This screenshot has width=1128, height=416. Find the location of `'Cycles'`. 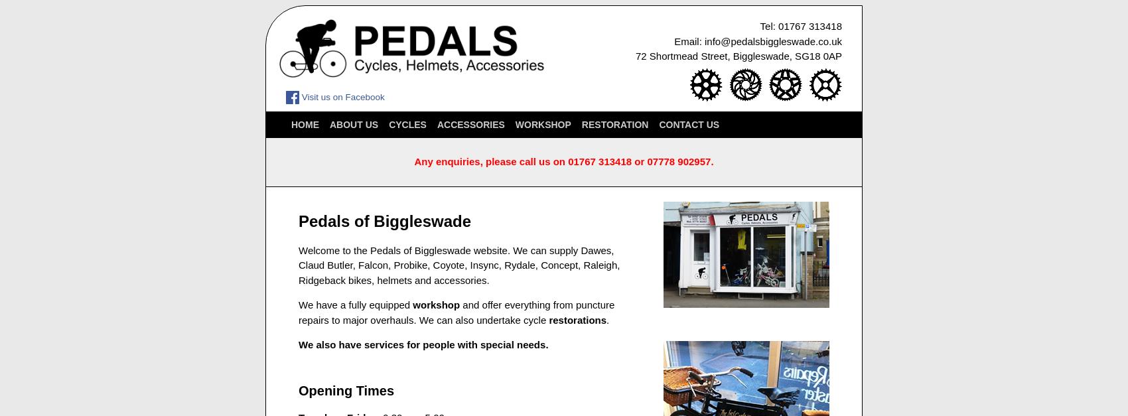

'Cycles' is located at coordinates (407, 123).